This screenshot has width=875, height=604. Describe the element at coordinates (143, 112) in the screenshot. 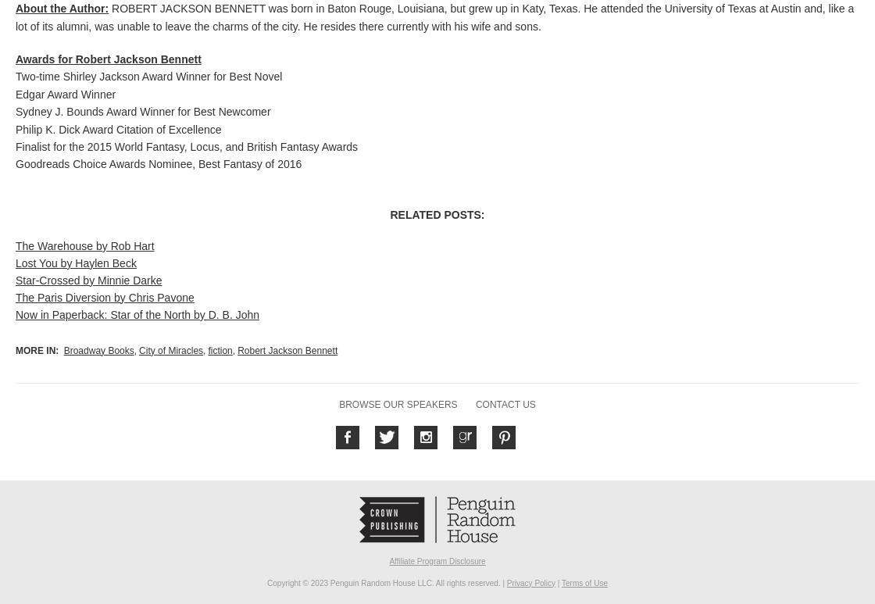

I see `'Sydney J. Bounds Award Winner for Best Newcomer'` at that location.